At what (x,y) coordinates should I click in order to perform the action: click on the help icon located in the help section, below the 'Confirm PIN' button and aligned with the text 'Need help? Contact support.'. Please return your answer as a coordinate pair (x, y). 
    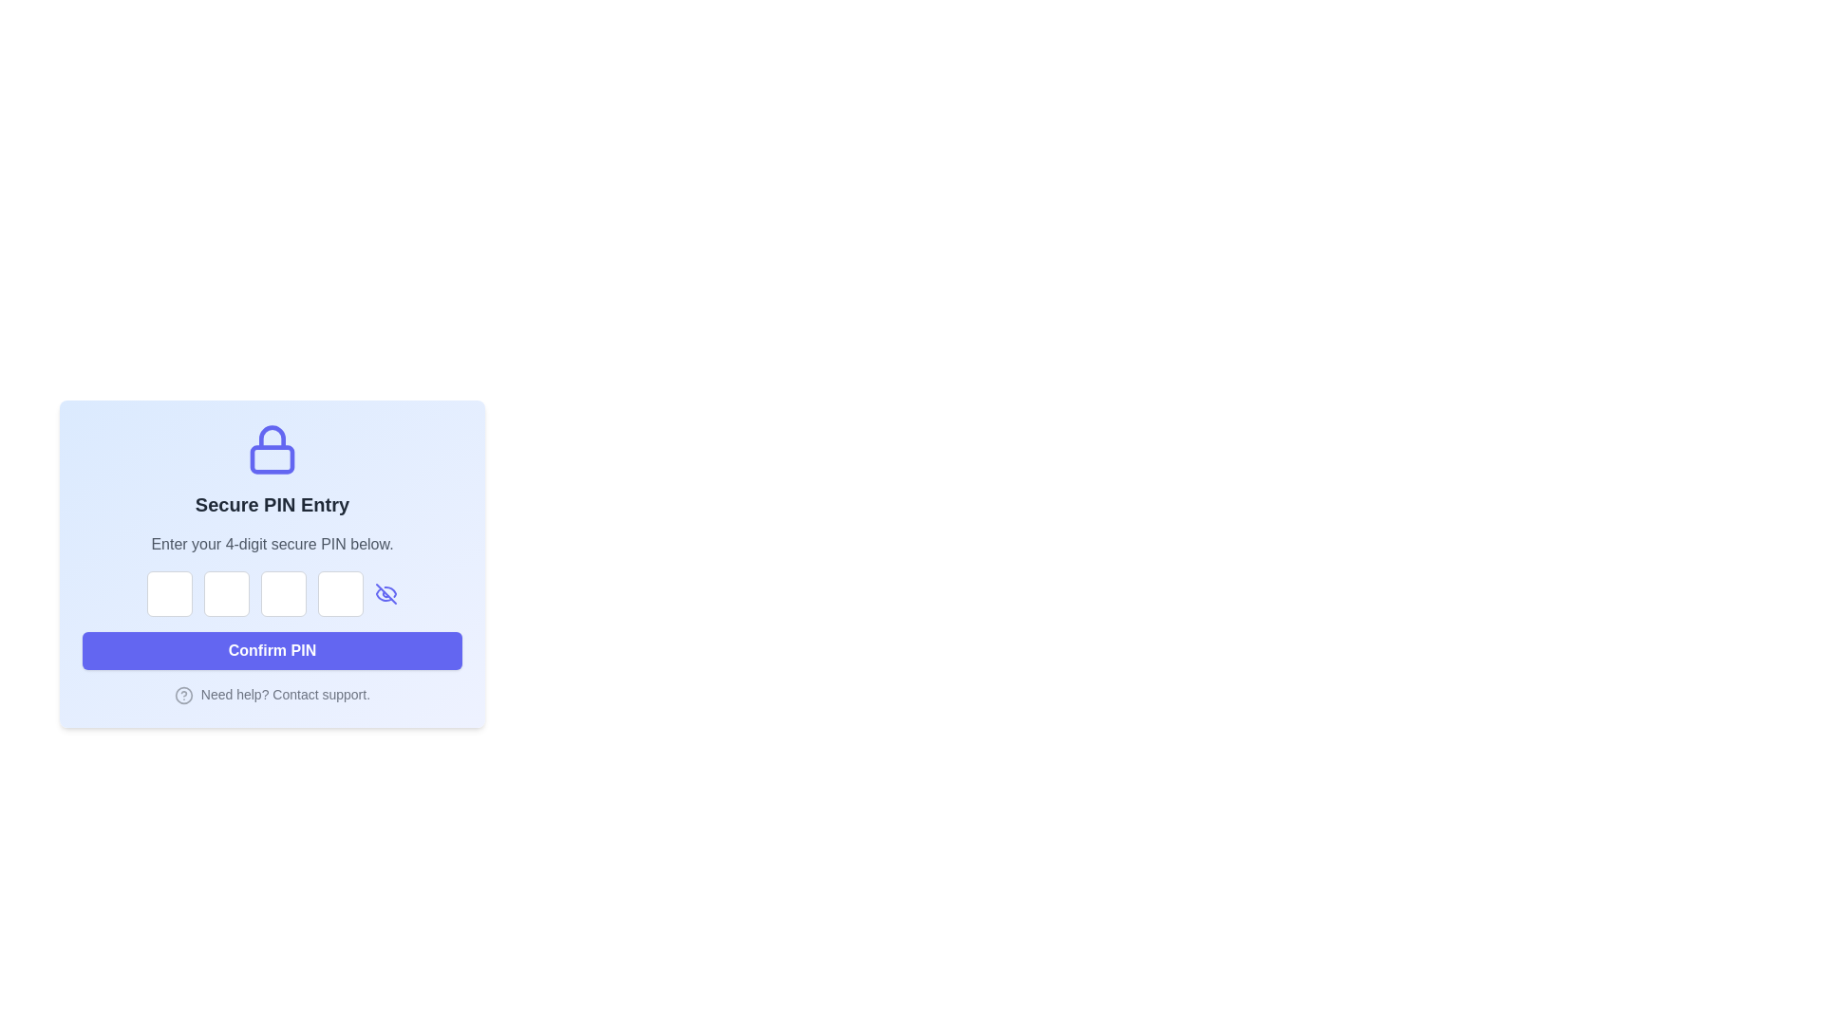
    Looking at the image, I should click on (183, 696).